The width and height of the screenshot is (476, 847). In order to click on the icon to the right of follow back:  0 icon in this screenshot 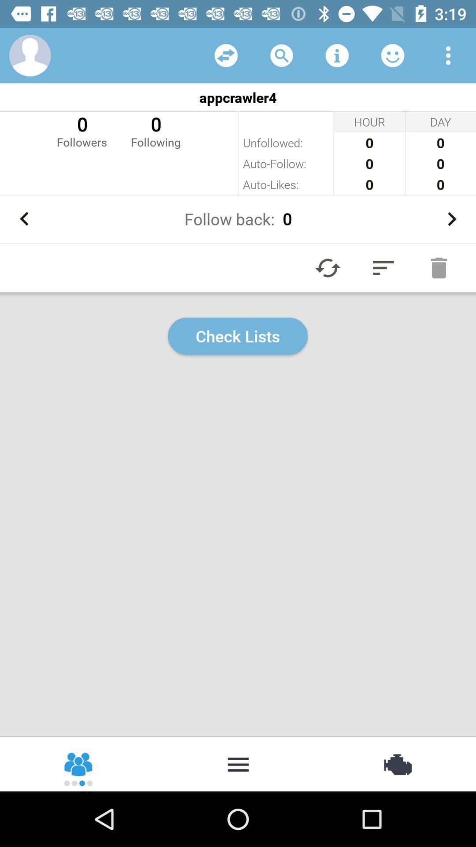, I will do `click(451, 219)`.